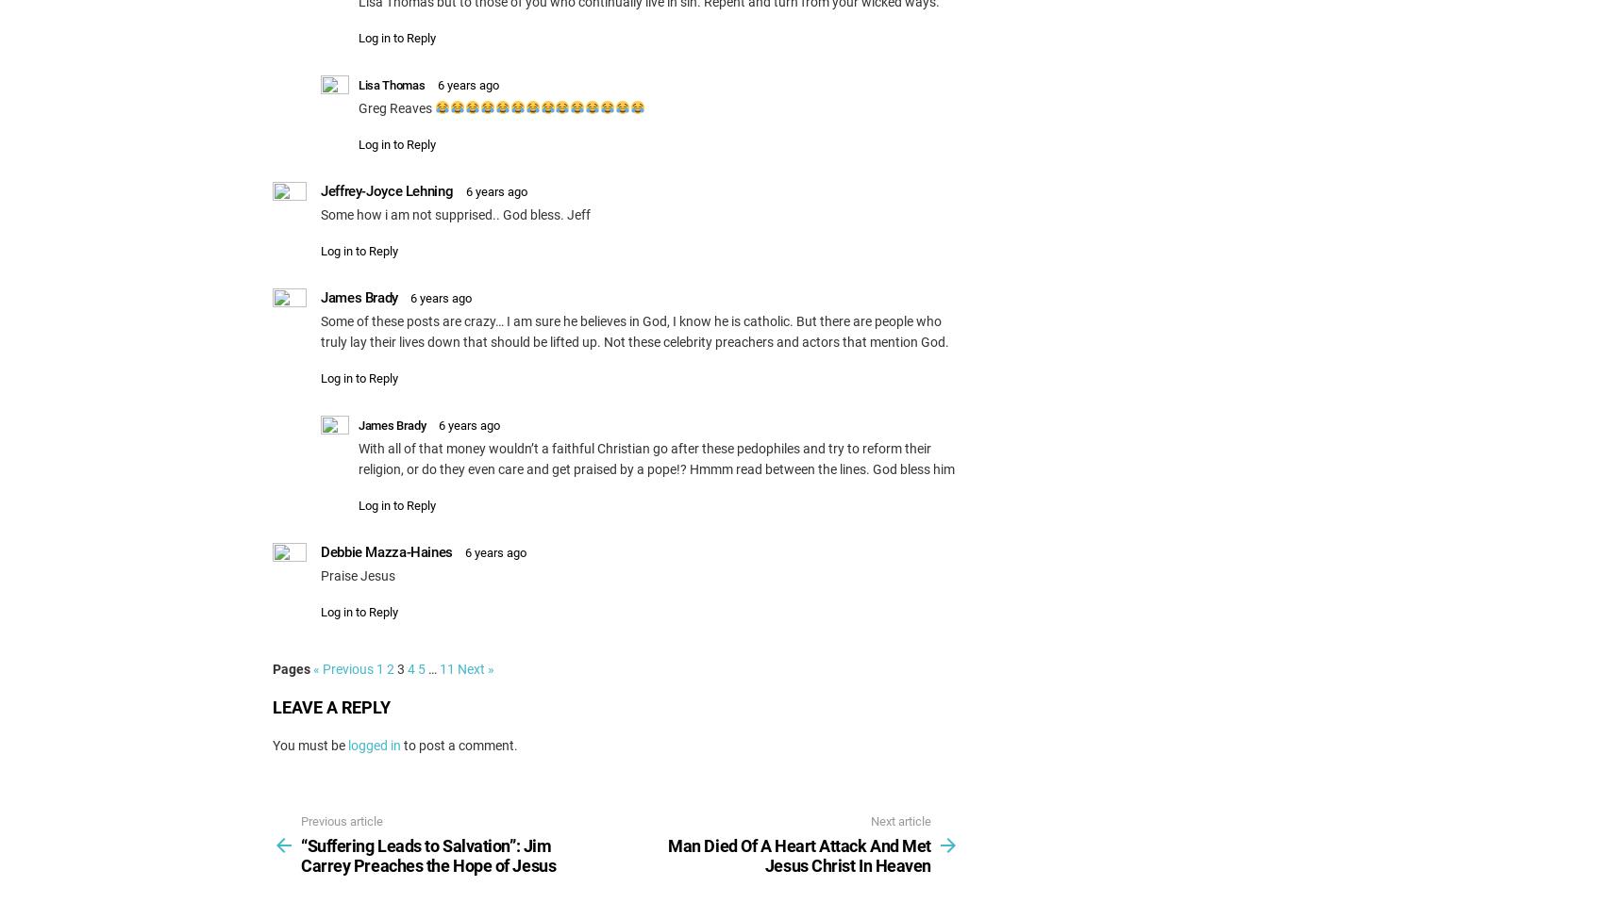 Image resolution: width=1604 pixels, height=919 pixels. Describe the element at coordinates (309, 746) in the screenshot. I see `'You must be'` at that location.